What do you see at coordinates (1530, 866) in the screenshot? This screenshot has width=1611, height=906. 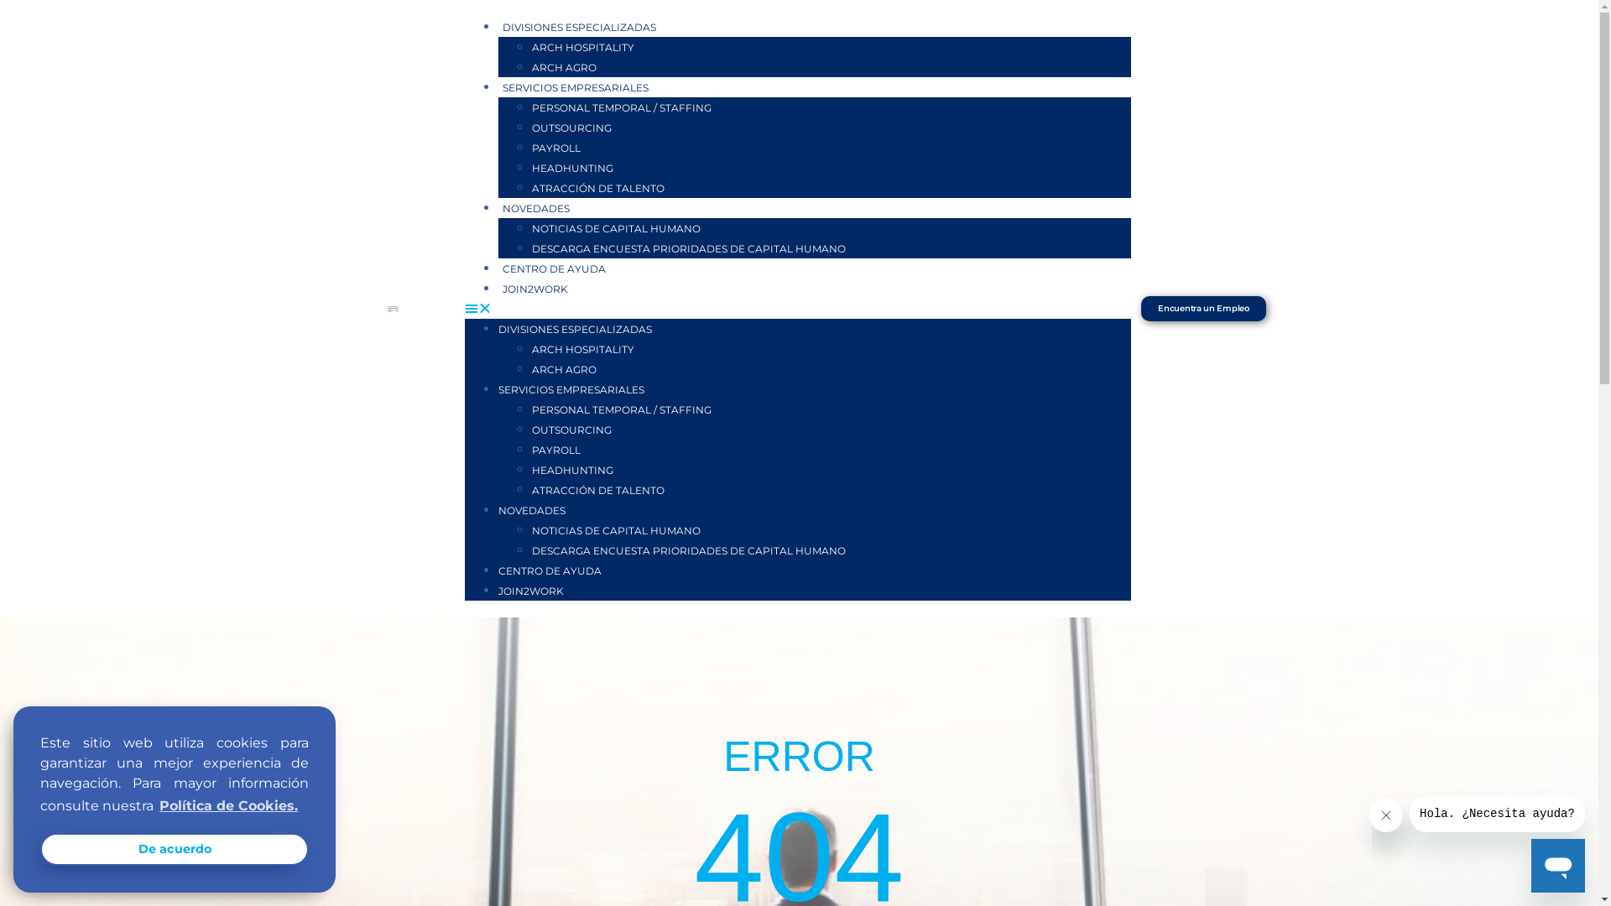 I see `'Button to launch messaging window'` at bounding box center [1530, 866].